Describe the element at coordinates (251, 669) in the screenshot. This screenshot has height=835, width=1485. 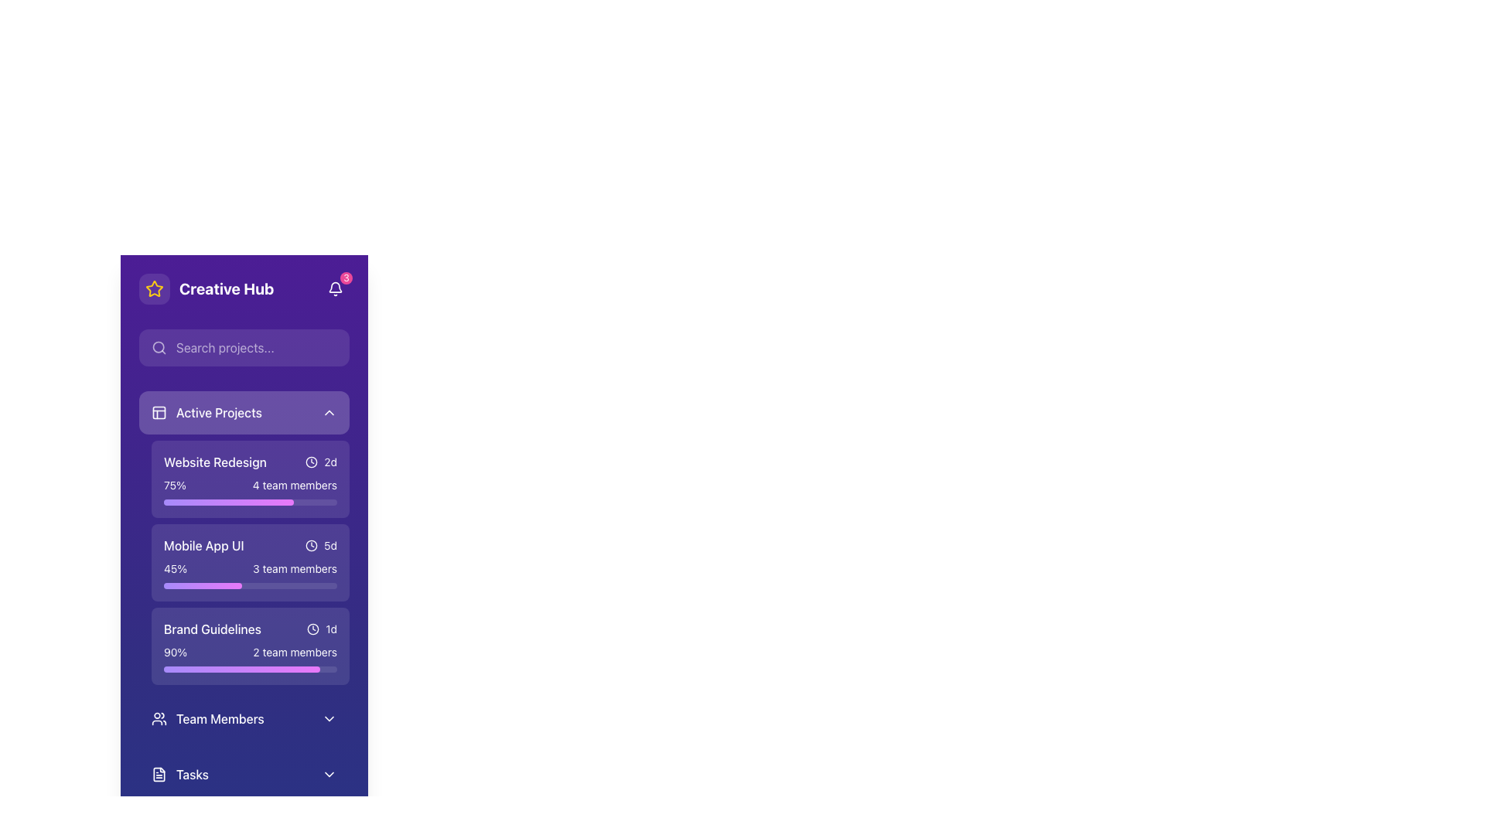
I see `the progress bar` at that location.